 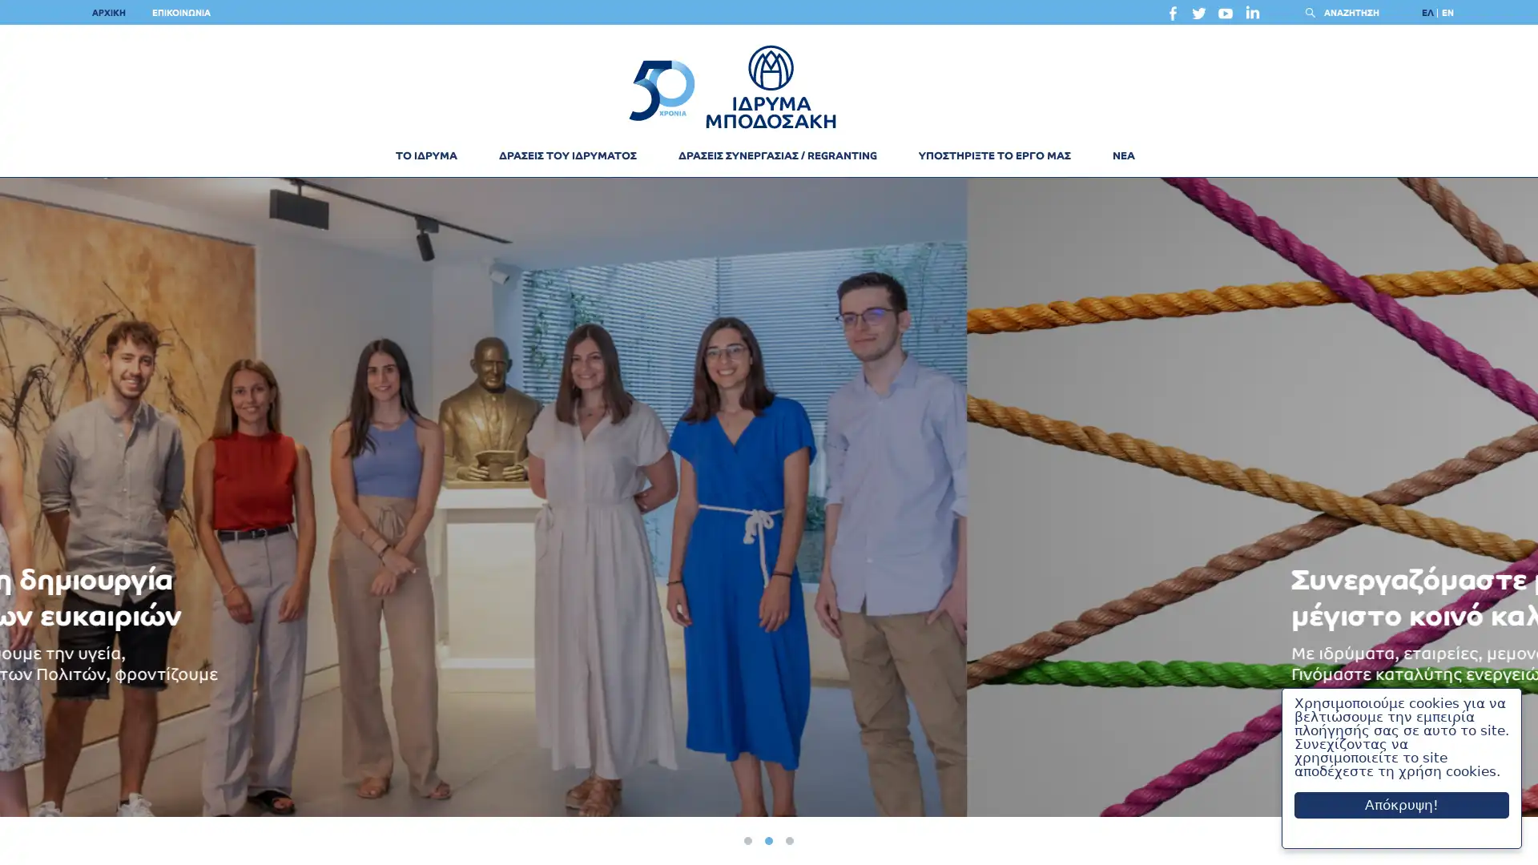 I want to click on 2, so click(x=769, y=836).